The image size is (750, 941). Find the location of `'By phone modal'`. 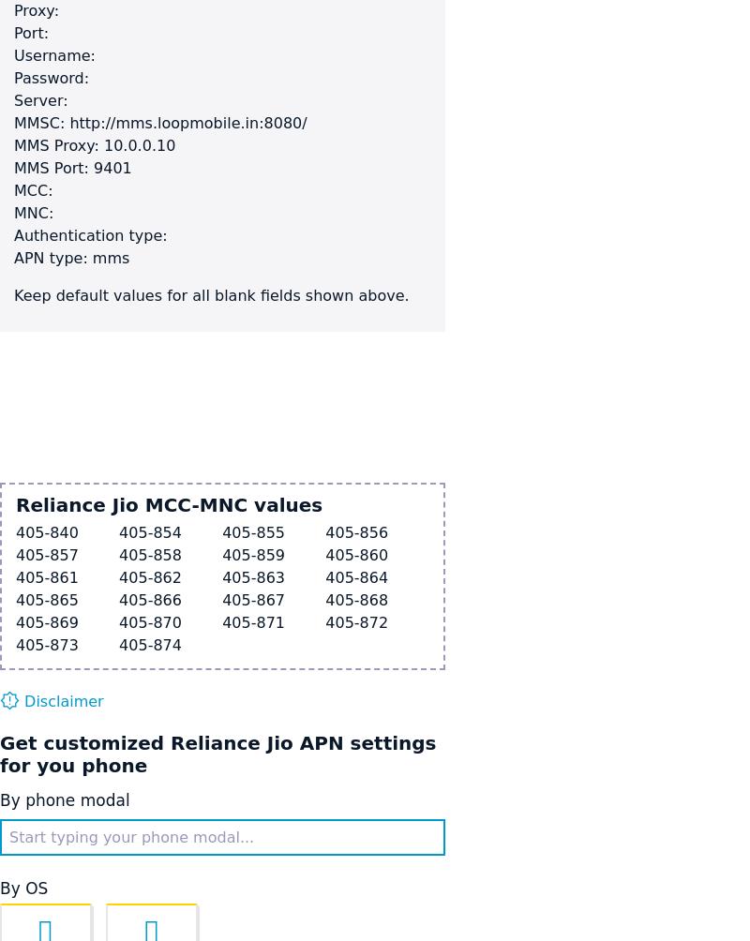

'By phone modal' is located at coordinates (64, 800).